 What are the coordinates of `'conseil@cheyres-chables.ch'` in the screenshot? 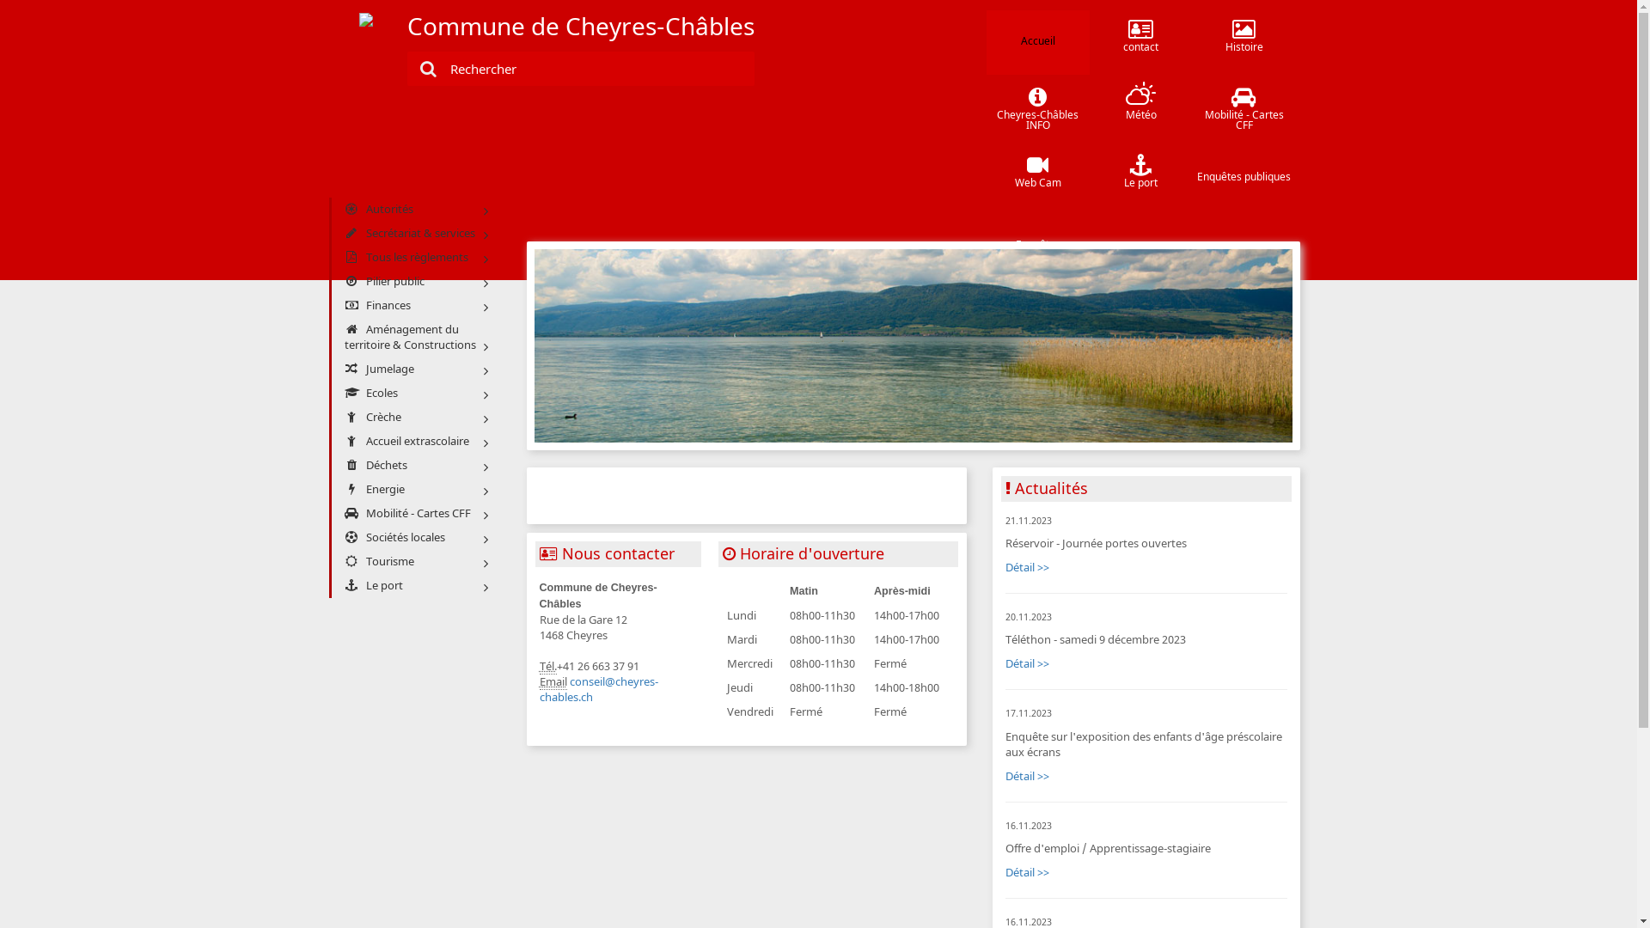 It's located at (598, 688).